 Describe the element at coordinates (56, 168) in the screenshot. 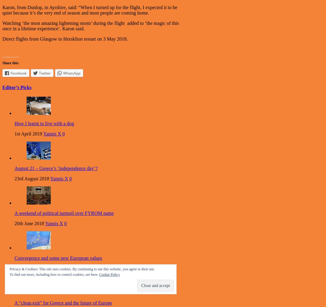

I see `'August 21 – Greece’s ‘independence day’?'` at that location.